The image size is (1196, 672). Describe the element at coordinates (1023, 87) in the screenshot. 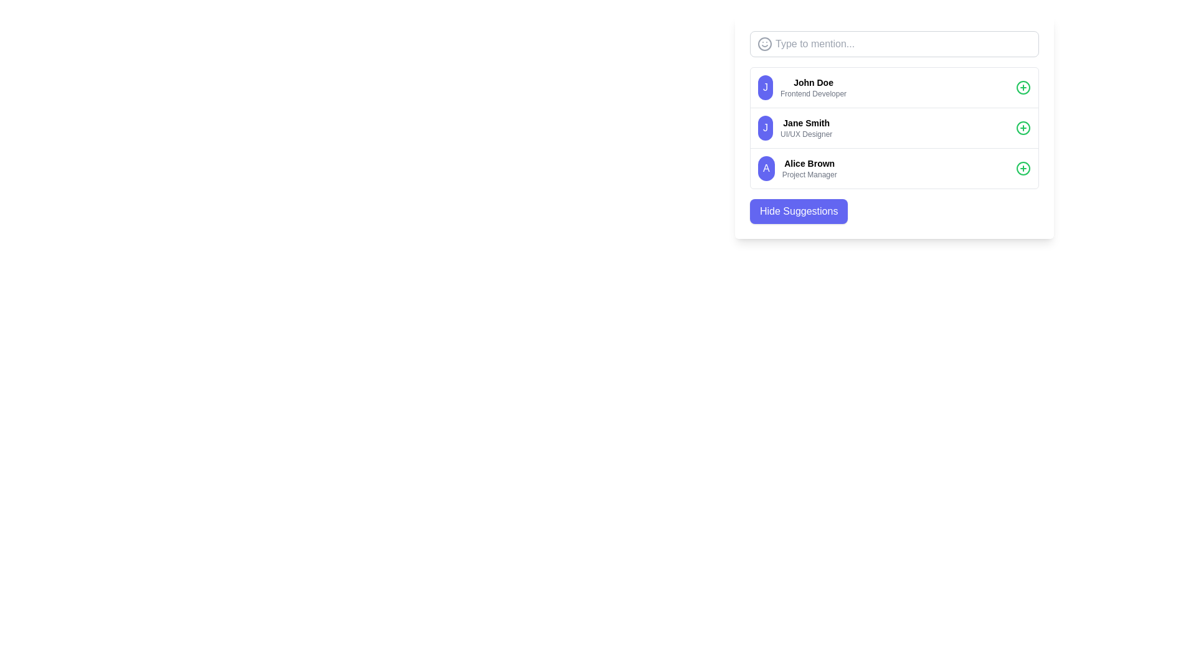

I see `the circular icon with a green outline and a white plus sign, located at the far-right side of the row labeled 'John Doe Frontend Developer.'` at that location.